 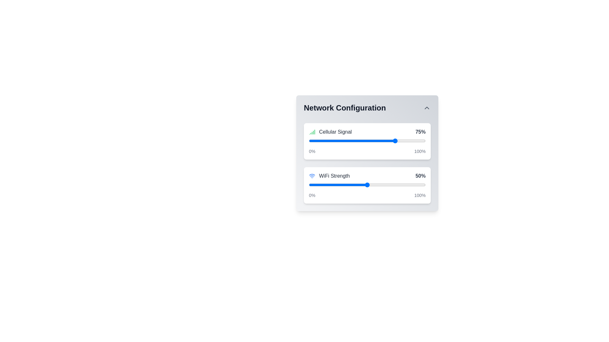 I want to click on the WiFi strength, so click(x=423, y=185).